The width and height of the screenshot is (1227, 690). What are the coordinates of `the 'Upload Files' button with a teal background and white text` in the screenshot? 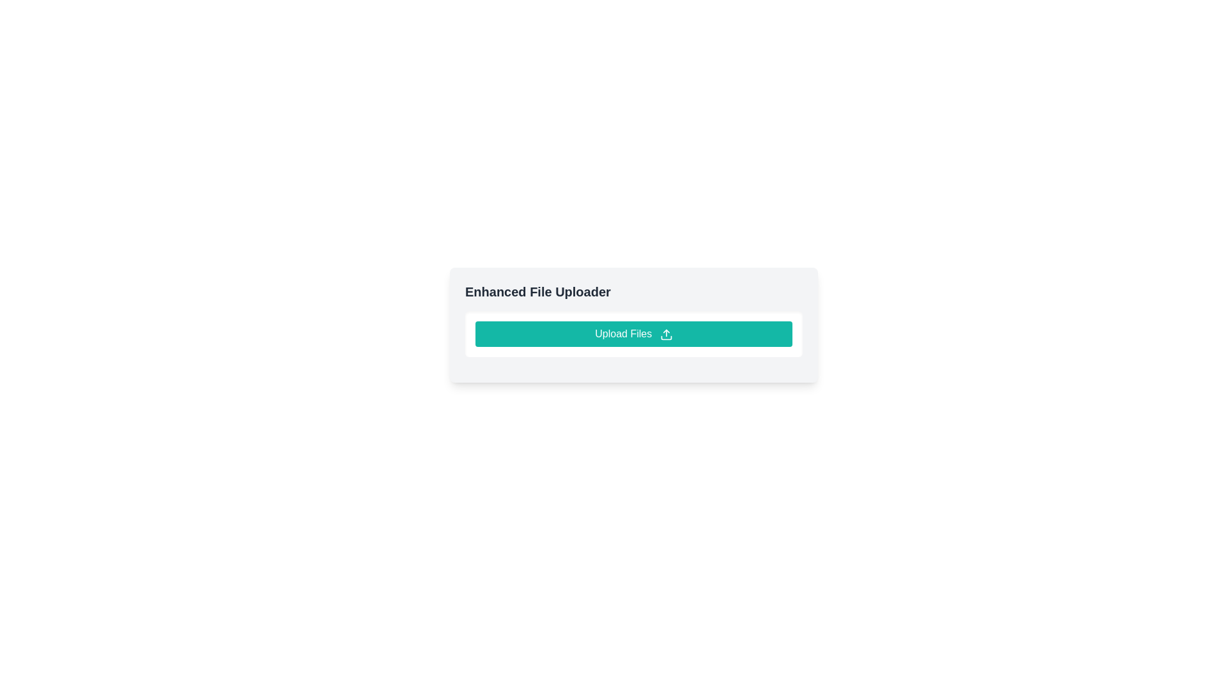 It's located at (634, 333).